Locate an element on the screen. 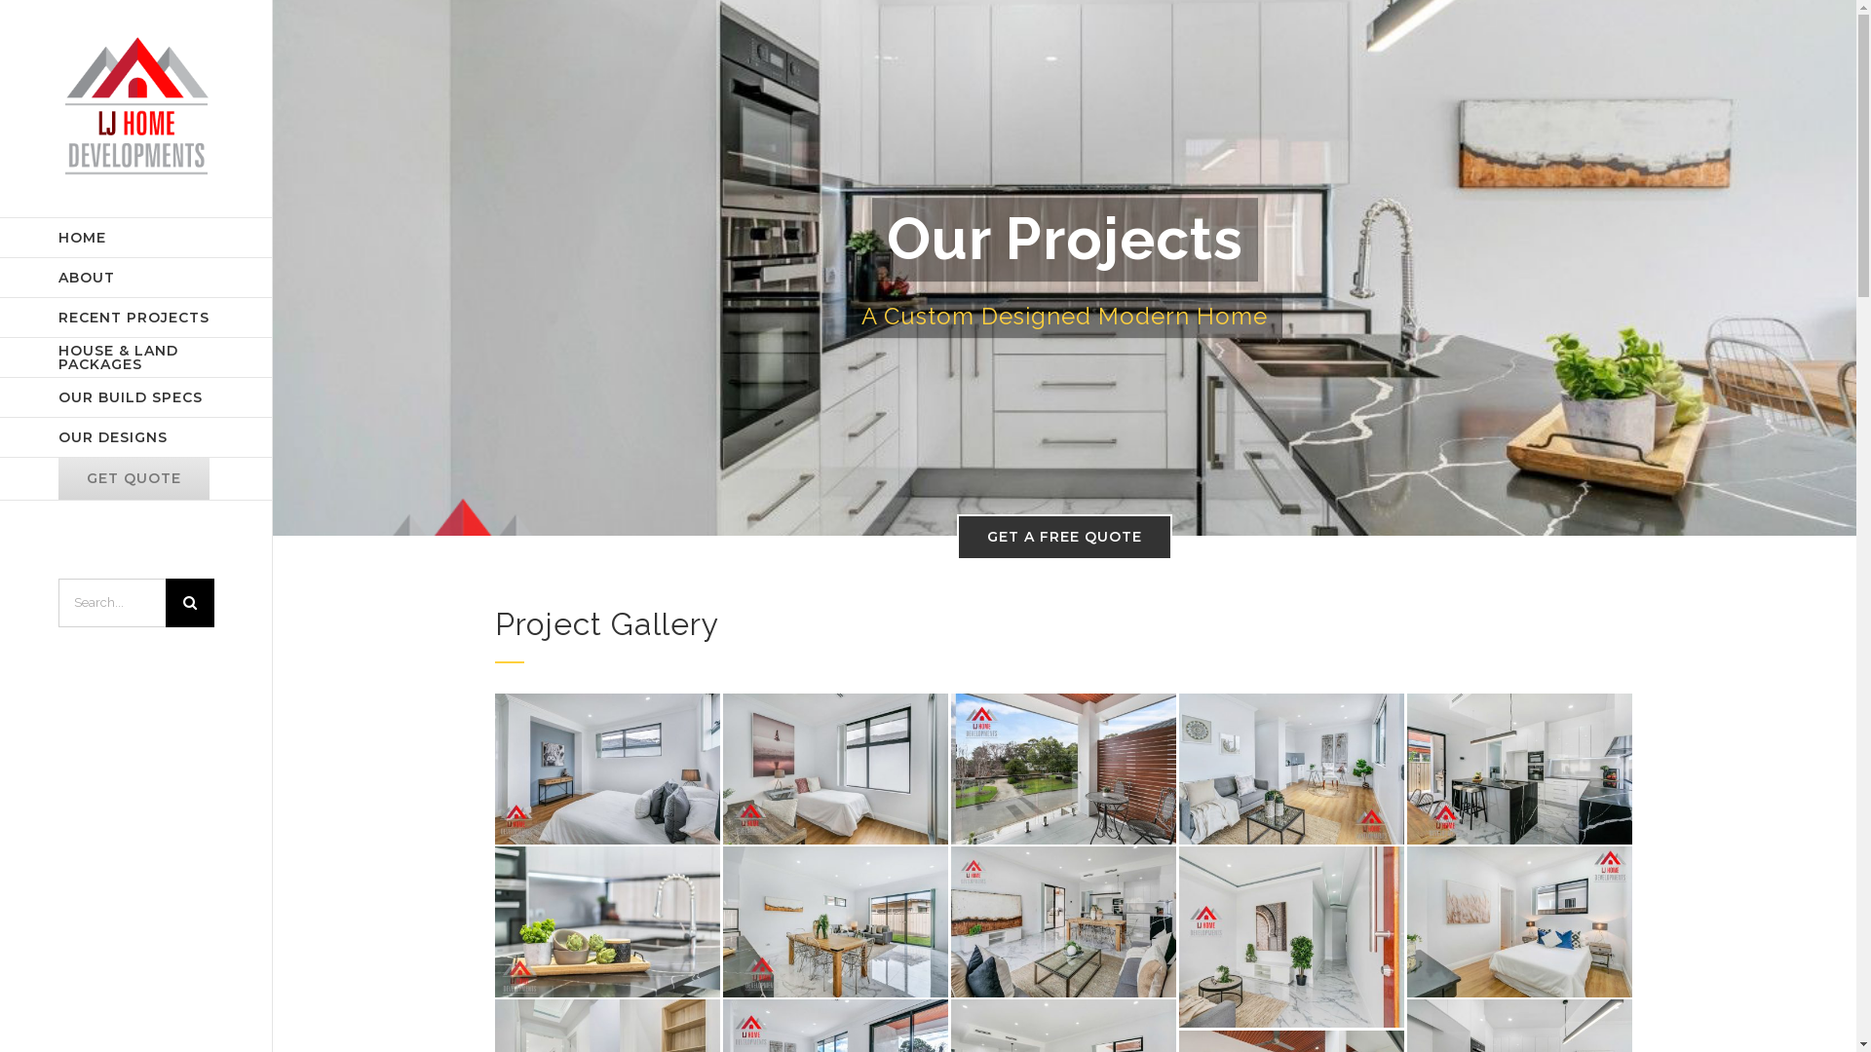 The image size is (1871, 1052). '9' is located at coordinates (1518, 920).